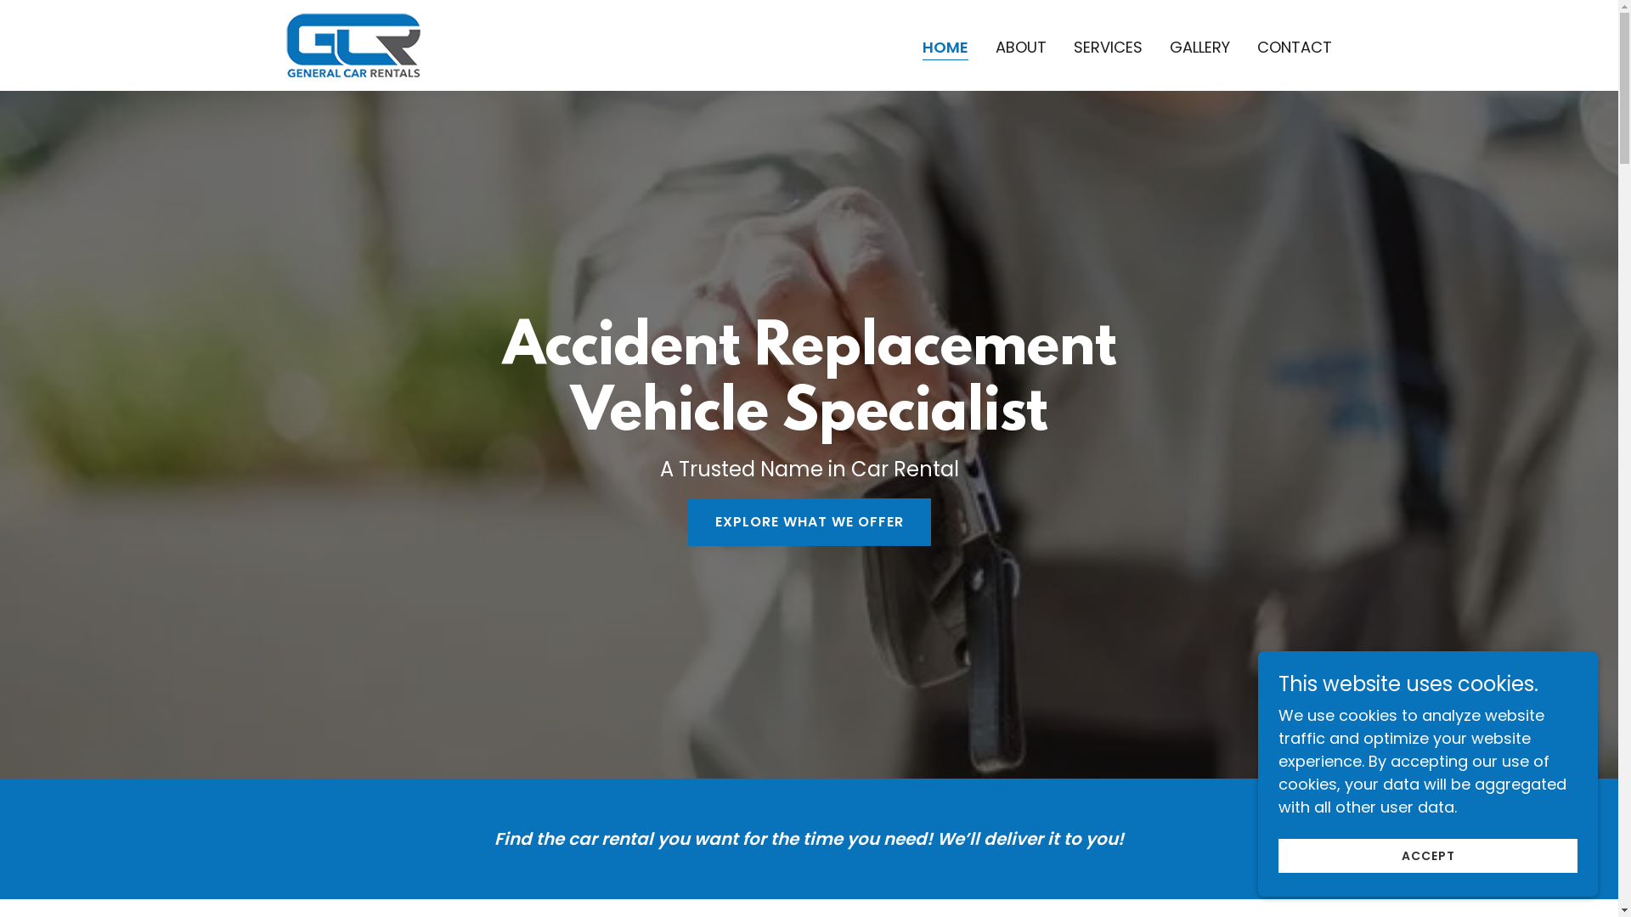 The height and width of the screenshot is (917, 1631). Describe the element at coordinates (351, 42) in the screenshot. I see `'General Car Rentals'` at that location.